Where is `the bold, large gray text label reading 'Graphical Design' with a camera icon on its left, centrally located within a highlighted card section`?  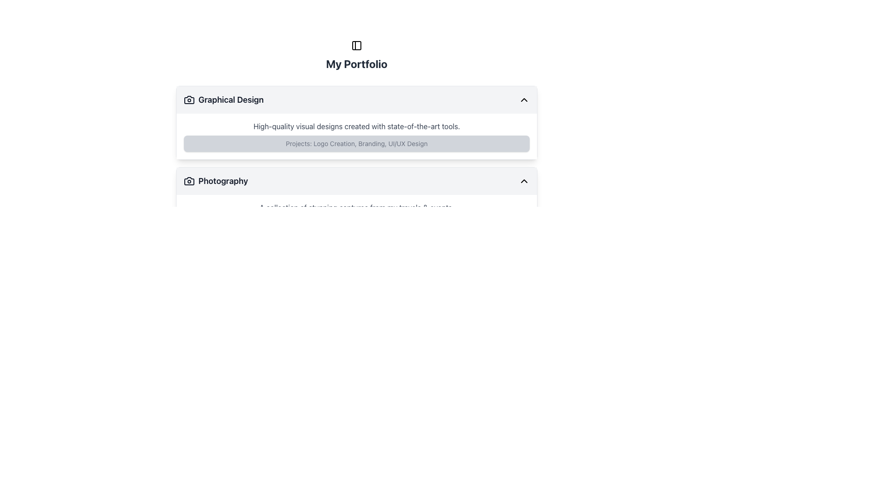
the bold, large gray text label reading 'Graphical Design' with a camera icon on its left, centrally located within a highlighted card section is located at coordinates (224, 100).